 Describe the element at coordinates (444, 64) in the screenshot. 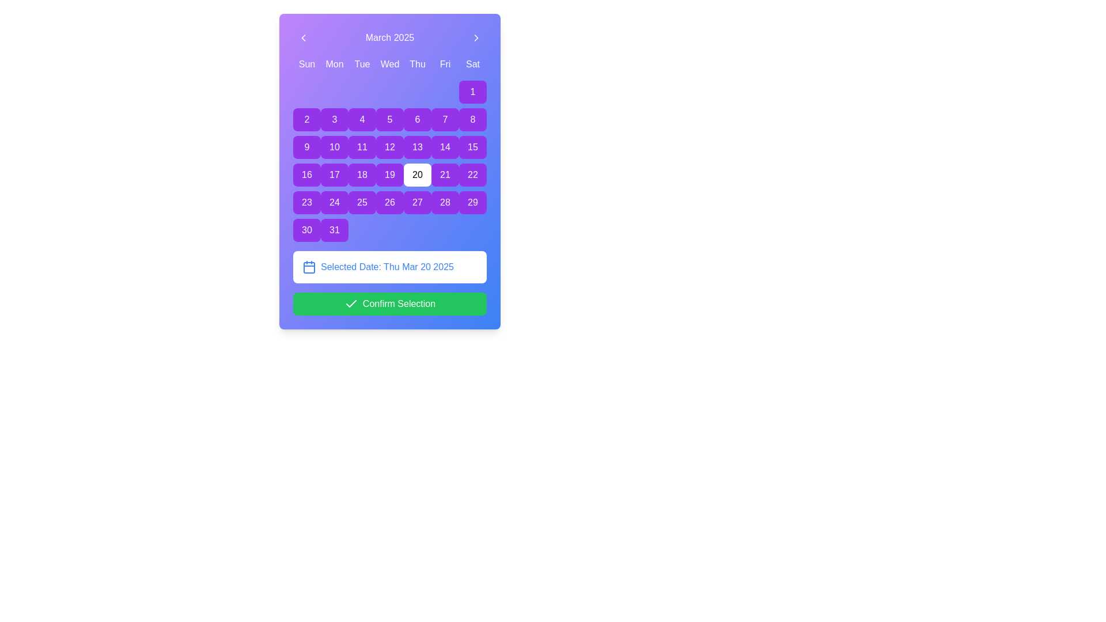

I see `the text label indicating 'Friday' in the calendar's weekday header, which is the sixth element in the sequence of weekday abbreviations` at that location.